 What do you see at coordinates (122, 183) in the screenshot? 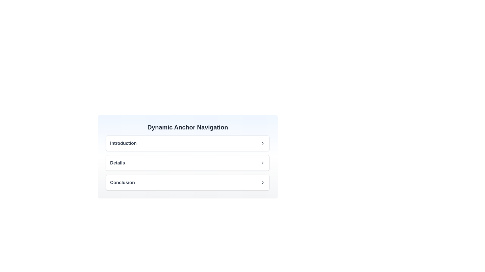
I see `the 'Conclusion' label in the 'Dynamic Anchor Navigation' panel, which is located in the third row of the vertically arranged list` at bounding box center [122, 183].